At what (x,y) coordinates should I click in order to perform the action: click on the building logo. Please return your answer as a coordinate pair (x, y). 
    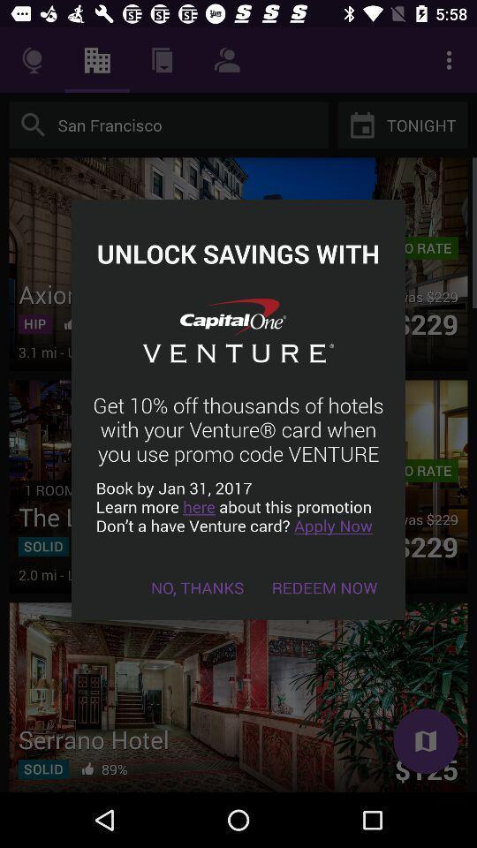
    Looking at the image, I should click on (97, 60).